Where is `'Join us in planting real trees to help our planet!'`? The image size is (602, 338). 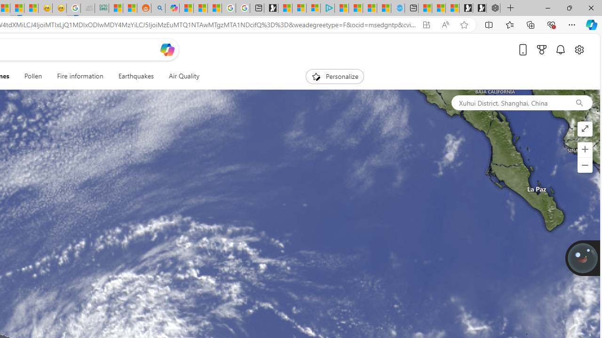
'Join us in planting real trees to help our planet!' is located at coordinates (582, 257).